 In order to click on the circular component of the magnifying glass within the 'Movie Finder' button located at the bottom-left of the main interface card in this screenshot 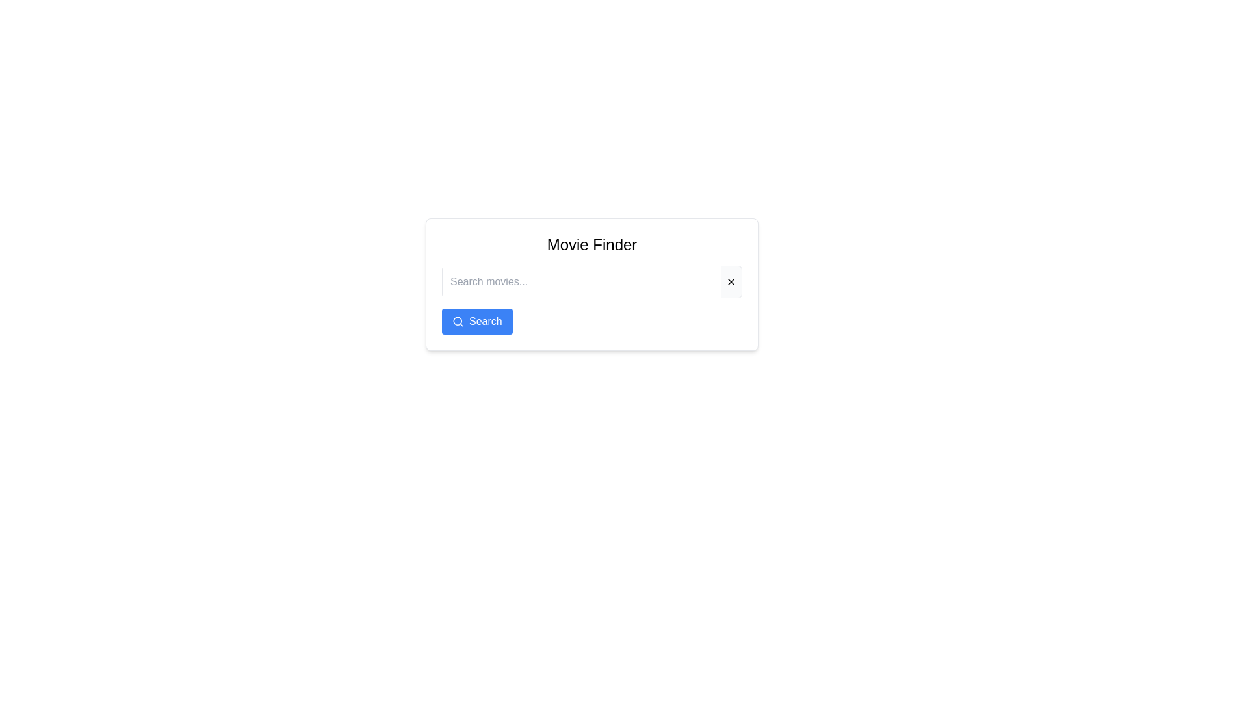, I will do `click(458, 321)`.